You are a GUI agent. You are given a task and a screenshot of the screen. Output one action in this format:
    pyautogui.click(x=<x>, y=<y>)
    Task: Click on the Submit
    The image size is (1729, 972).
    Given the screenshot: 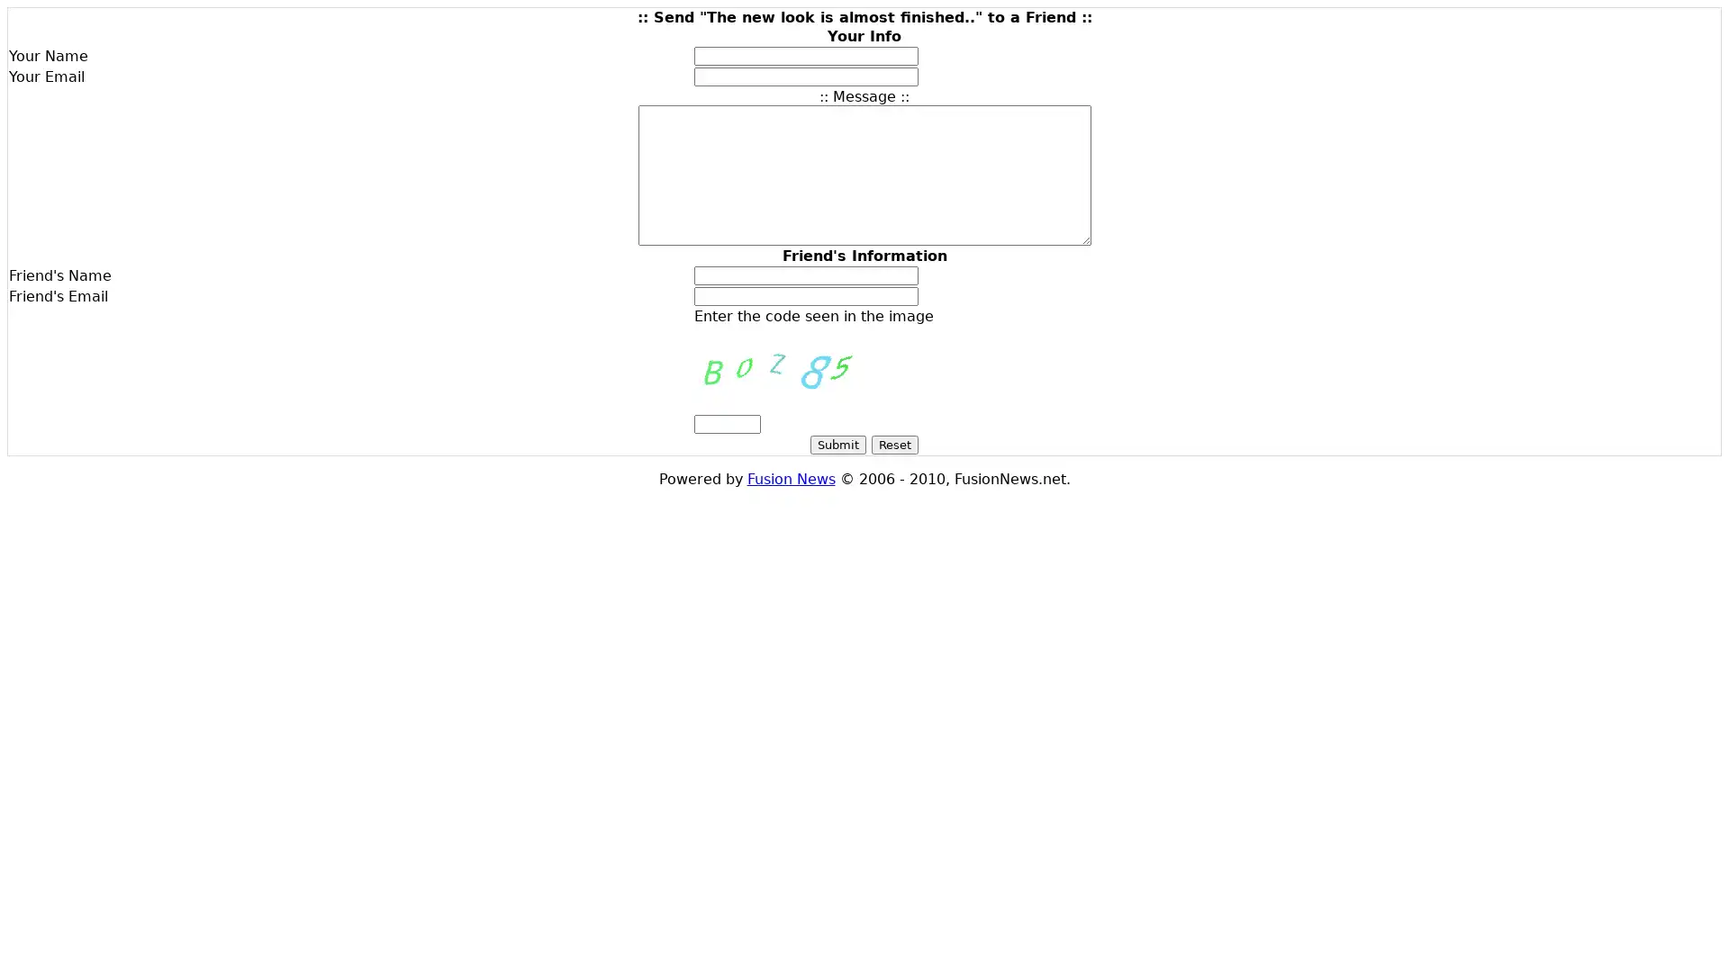 What is the action you would take?
    pyautogui.click(x=837, y=445)
    